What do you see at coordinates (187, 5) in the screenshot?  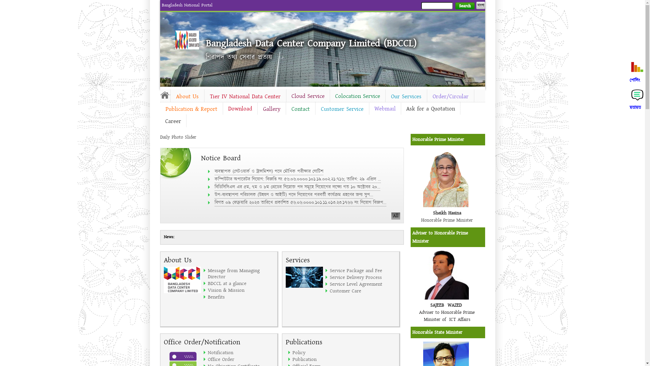 I see `'Bangladesh National Portal'` at bounding box center [187, 5].